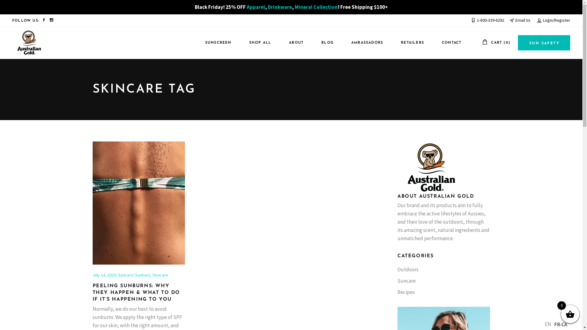 This screenshot has height=330, width=587. Describe the element at coordinates (449, 42) in the screenshot. I see `'CONTACT'` at that location.